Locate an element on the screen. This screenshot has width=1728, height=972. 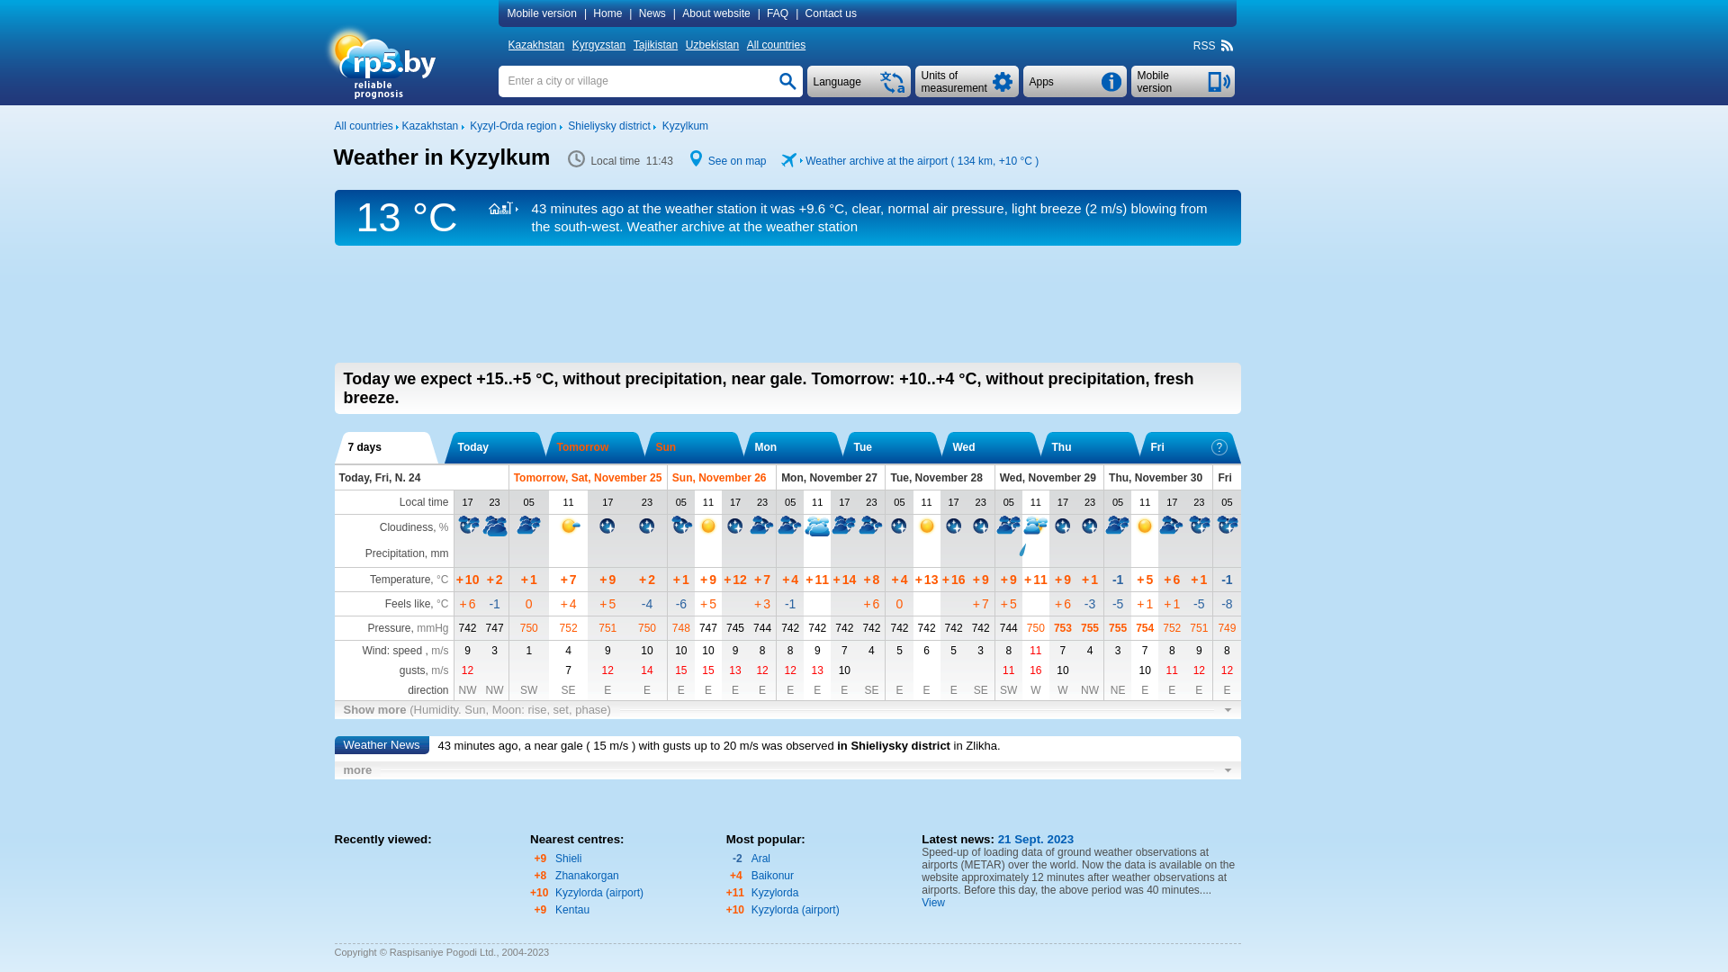
'Temperature' is located at coordinates (399, 580).